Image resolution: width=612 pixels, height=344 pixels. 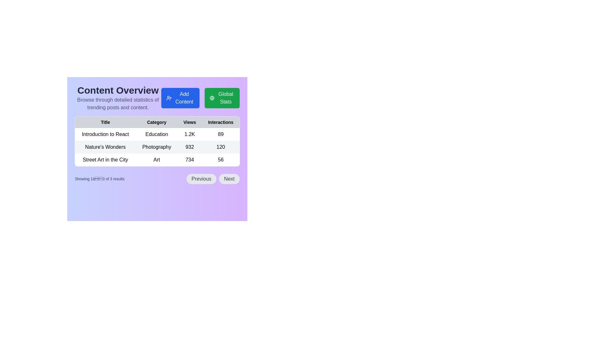 What do you see at coordinates (212, 98) in the screenshot?
I see `details of the globe icon symbolizing 'Global Stats', located to the left of the 'Global Stats' button at the top-right of the interface` at bounding box center [212, 98].